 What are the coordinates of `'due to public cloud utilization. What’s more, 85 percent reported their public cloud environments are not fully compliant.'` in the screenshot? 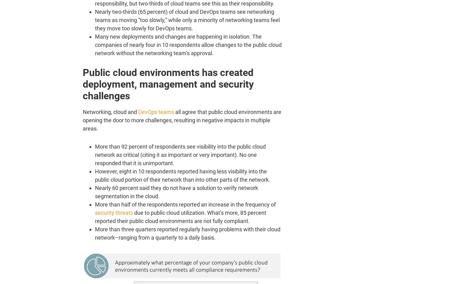 It's located at (180, 217).